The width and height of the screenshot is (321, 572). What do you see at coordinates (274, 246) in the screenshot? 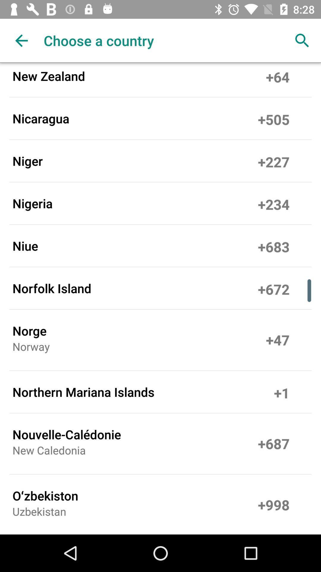
I see `the icon to the right of the niue` at bounding box center [274, 246].